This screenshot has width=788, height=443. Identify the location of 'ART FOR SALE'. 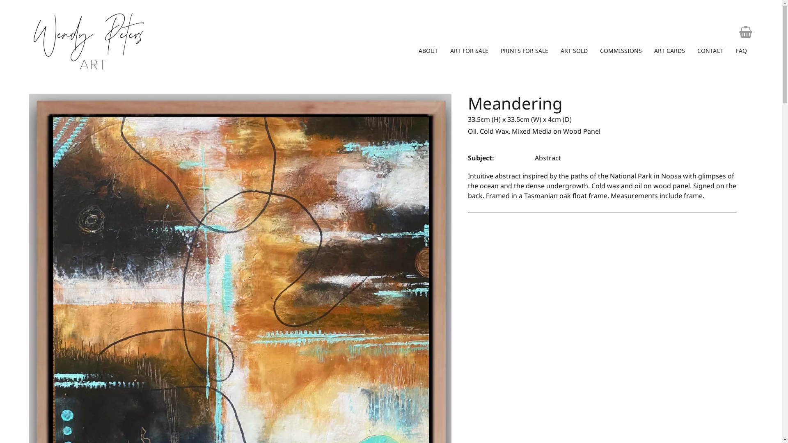
(469, 50).